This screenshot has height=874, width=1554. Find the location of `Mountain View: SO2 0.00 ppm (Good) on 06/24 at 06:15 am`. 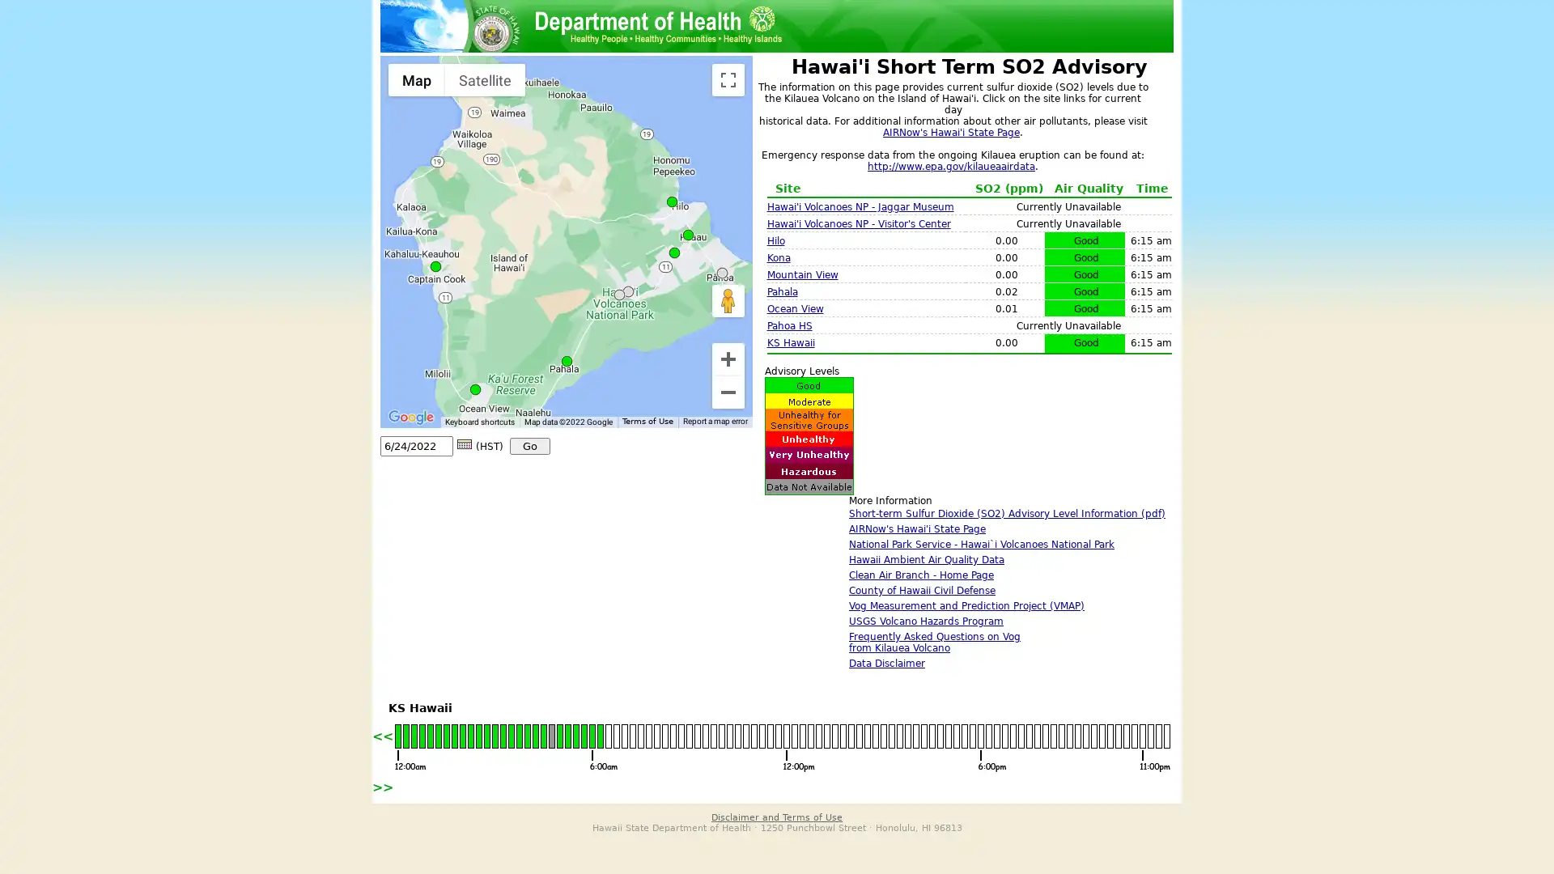

Mountain View: SO2 0.00 ppm (Good) on 06/24 at 06:15 am is located at coordinates (674, 252).